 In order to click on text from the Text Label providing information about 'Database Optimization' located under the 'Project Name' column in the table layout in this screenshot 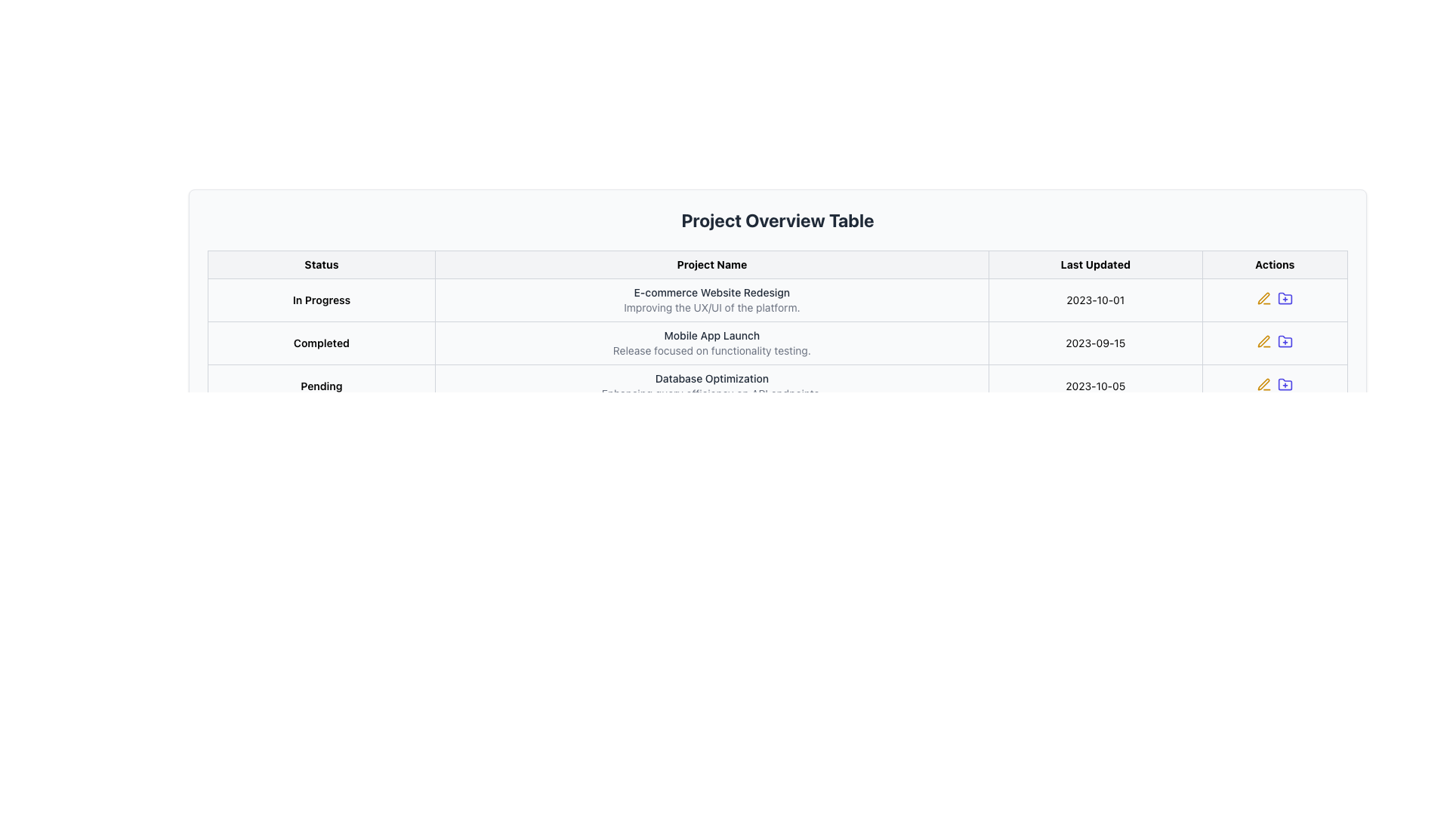, I will do `click(711, 392)`.